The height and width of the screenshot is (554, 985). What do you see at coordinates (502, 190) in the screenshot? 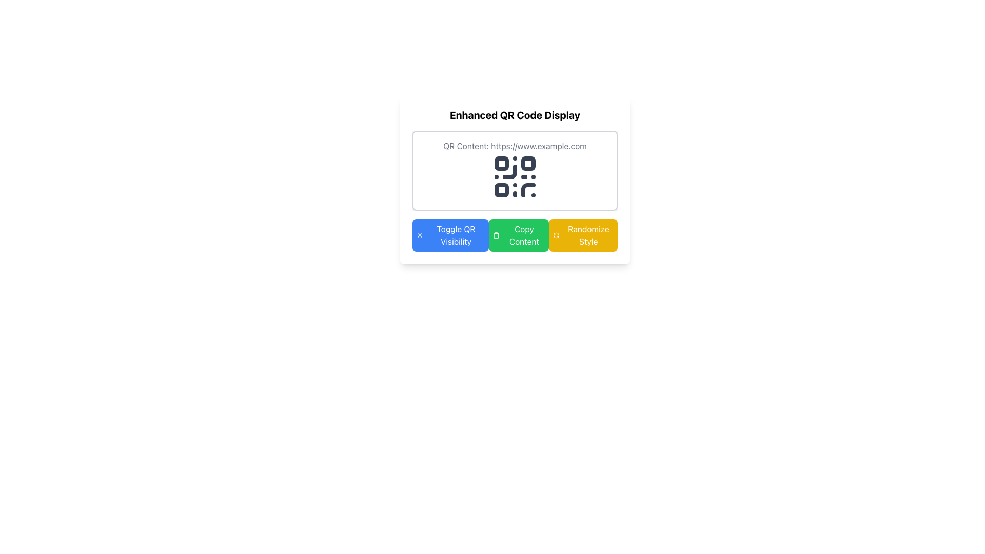
I see `the QR code module located at the bottom-left corner of the Enhanced QR Code Display, which is a small square with rounded corners` at bounding box center [502, 190].